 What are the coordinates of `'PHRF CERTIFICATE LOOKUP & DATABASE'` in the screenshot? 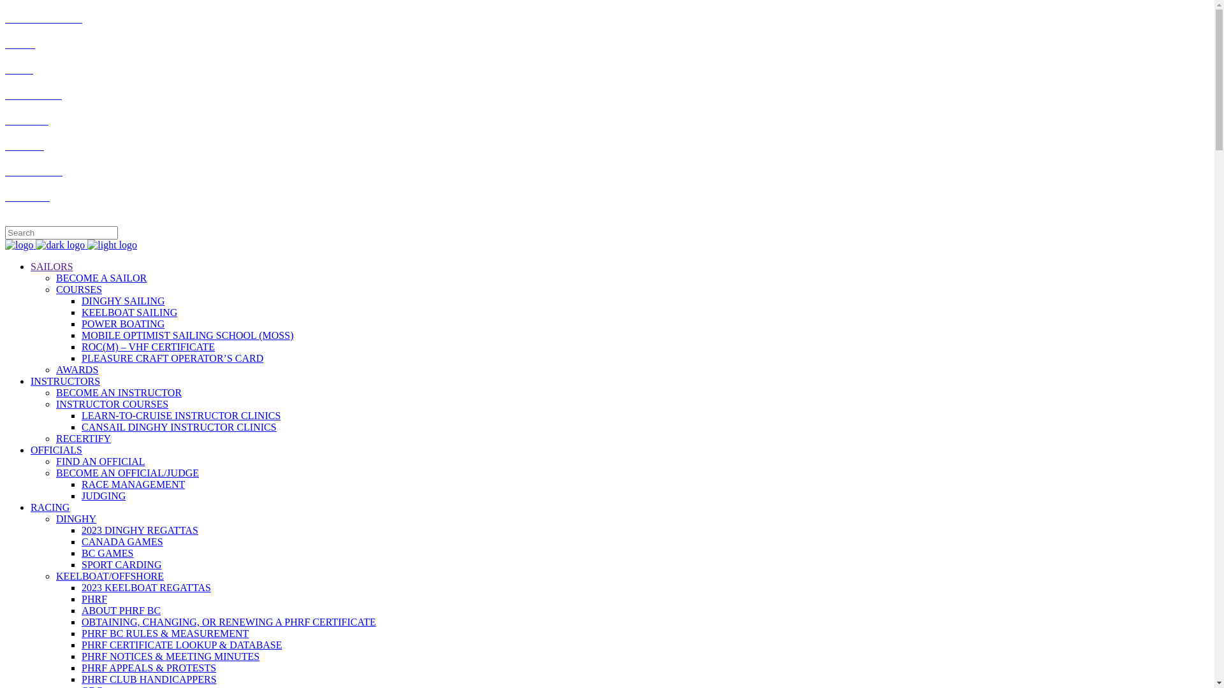 It's located at (181, 645).